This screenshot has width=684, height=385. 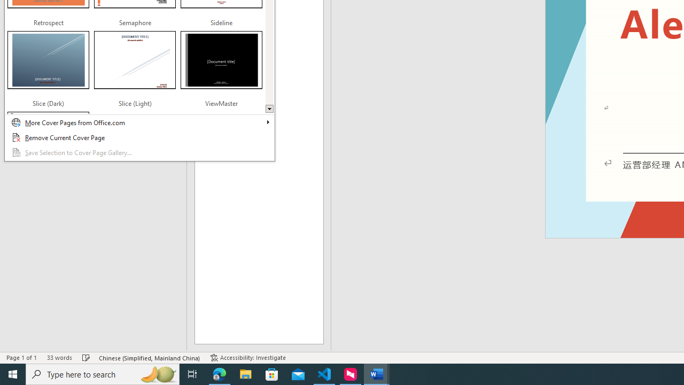 What do you see at coordinates (103, 373) in the screenshot?
I see `'Type here to search'` at bounding box center [103, 373].